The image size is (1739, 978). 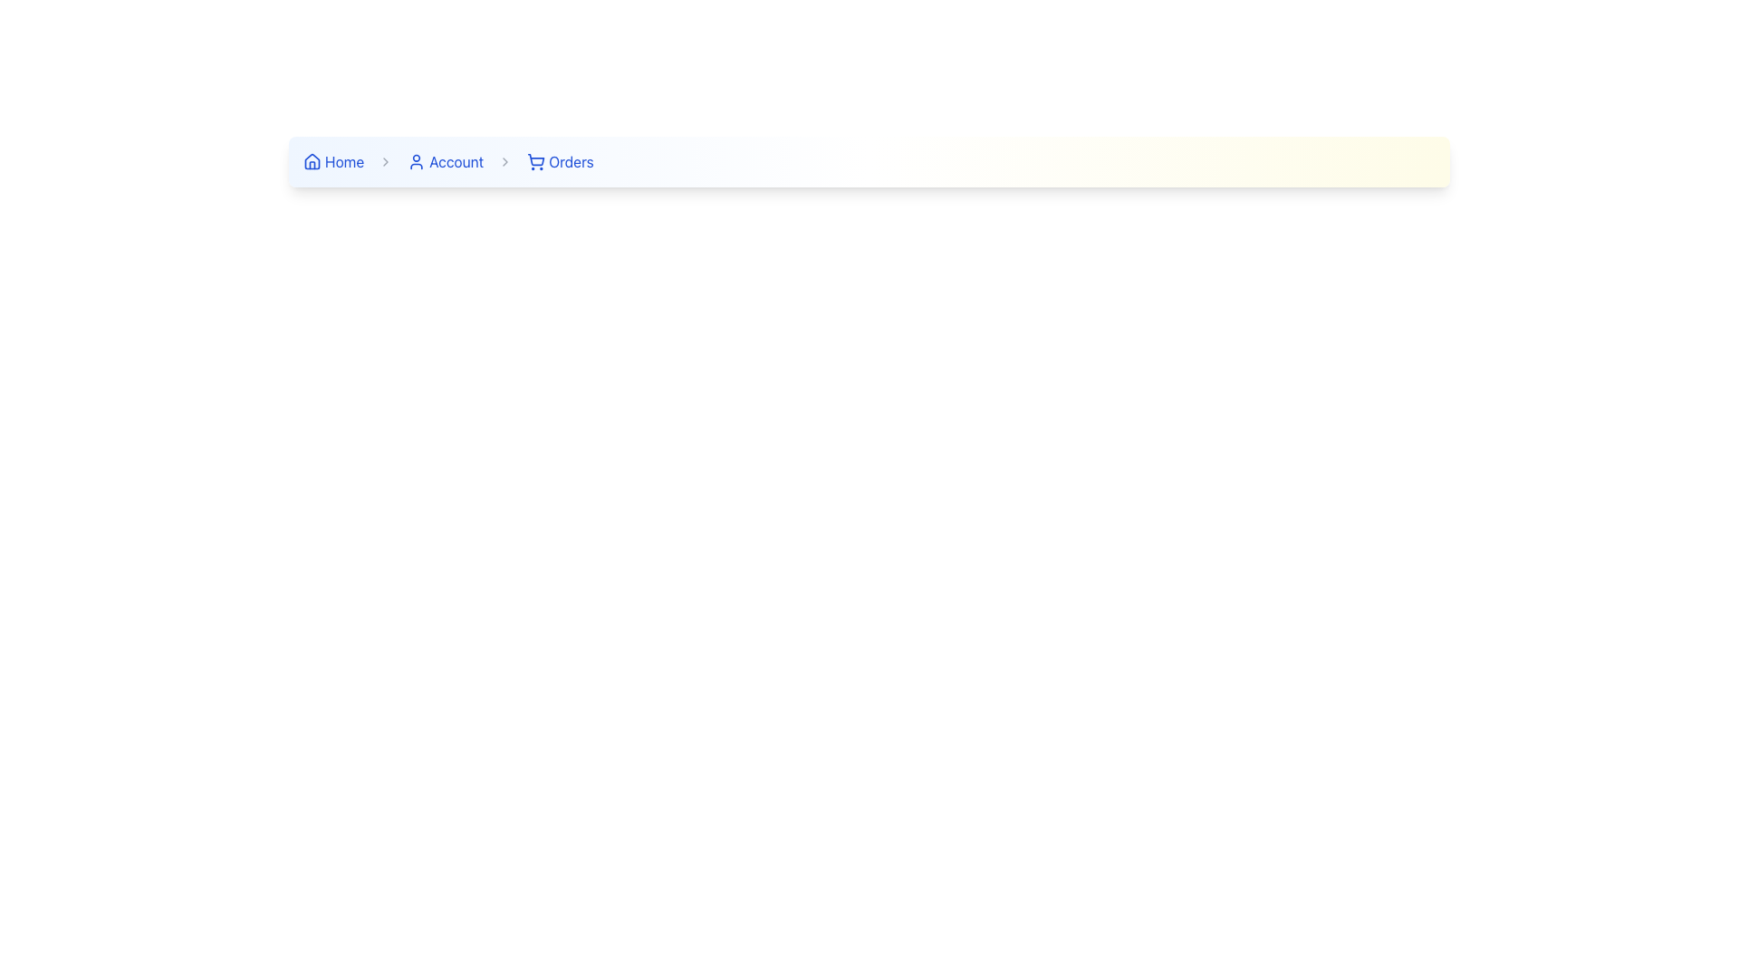 I want to click on the 'Orders' link in the breadcrumb navigation, which is the third item following 'Home' and 'Account', so click(x=559, y=160).